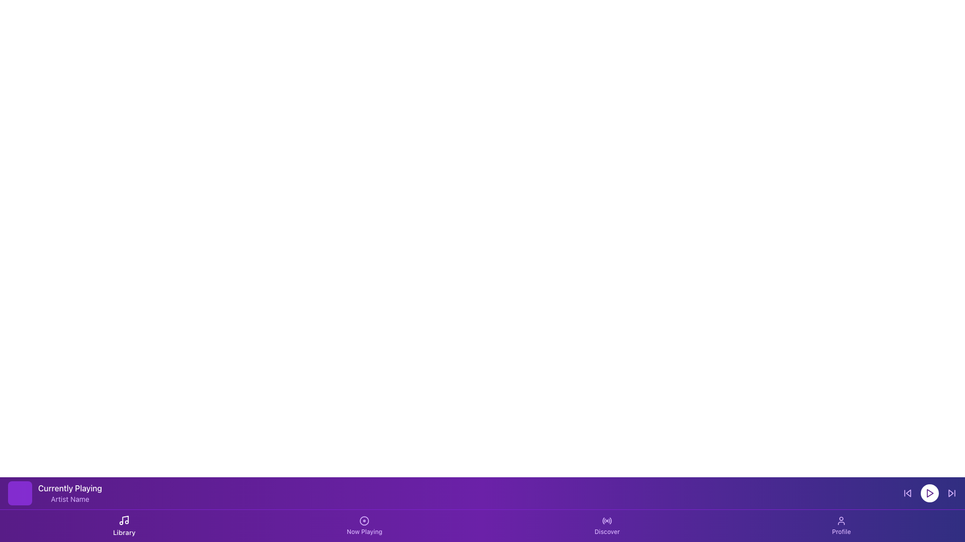 Image resolution: width=965 pixels, height=542 pixels. What do you see at coordinates (364, 520) in the screenshot?
I see `the center of the Circular icon in the navigation bar located in the 'Now Playing' section` at bounding box center [364, 520].